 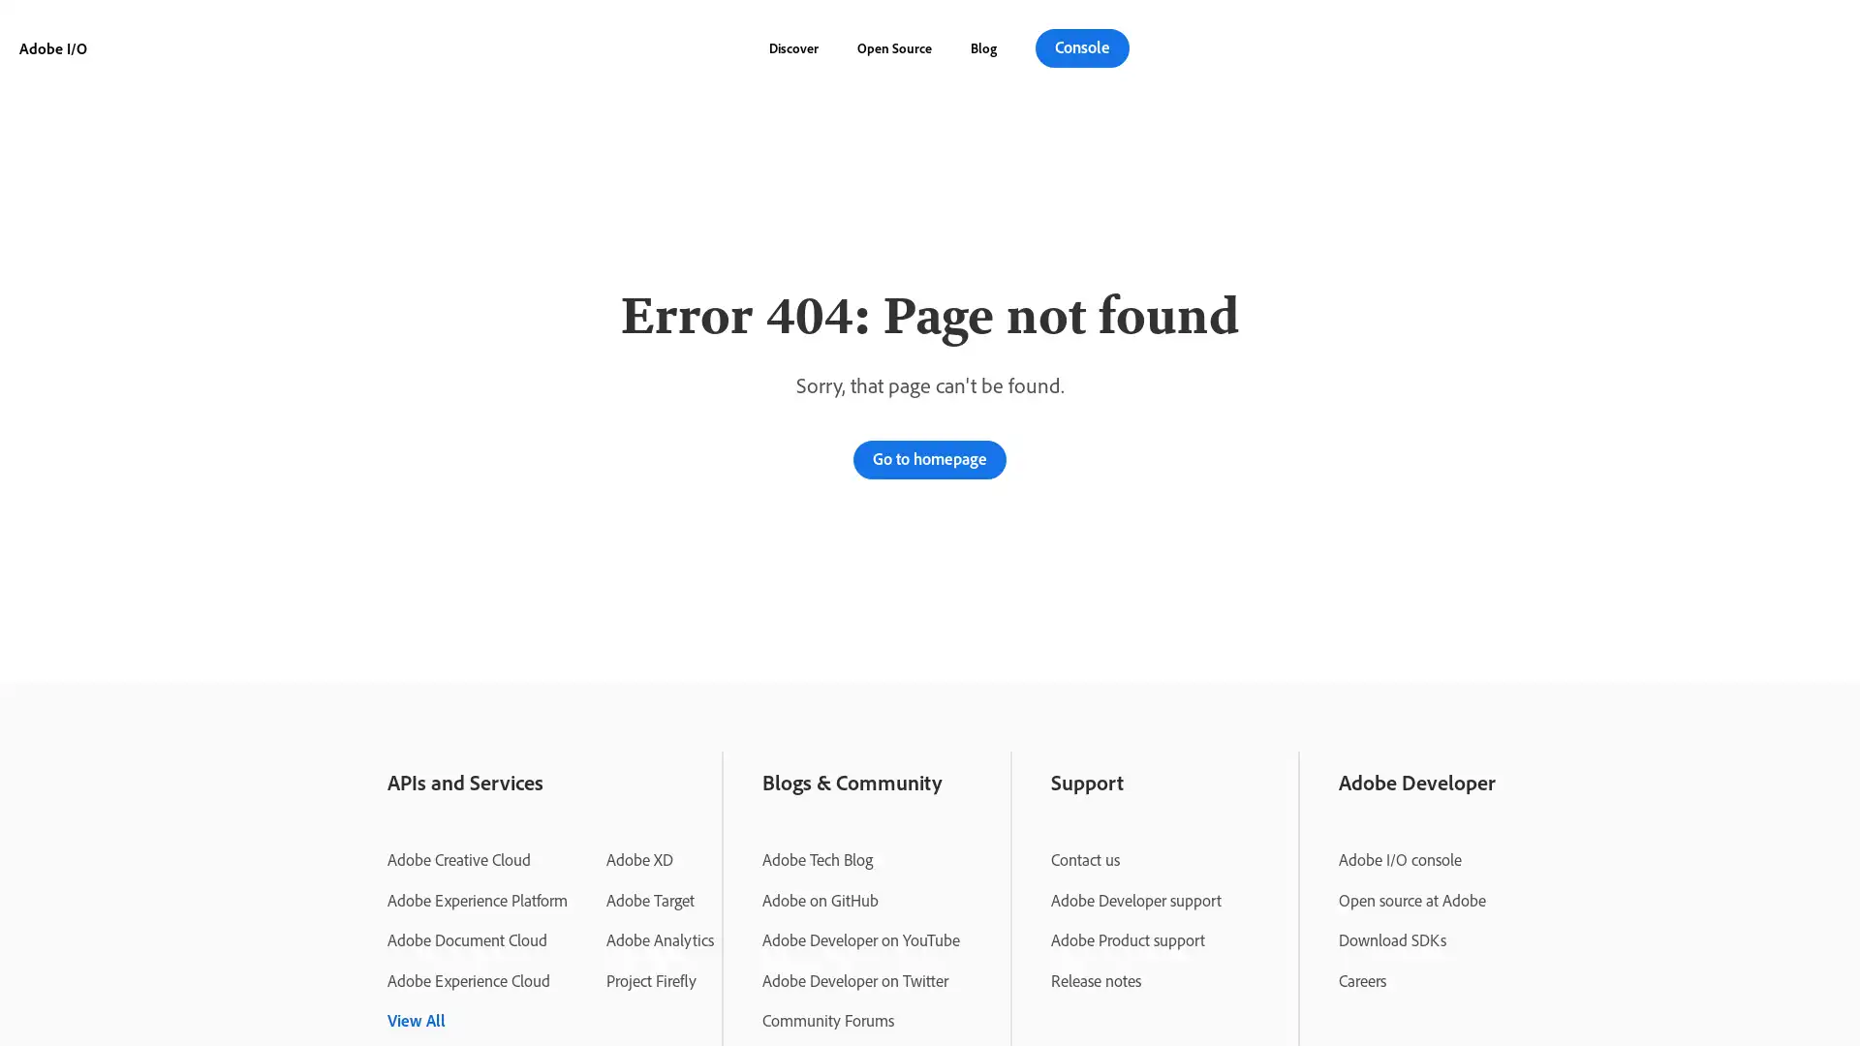 I want to click on Go to homepage, so click(x=930, y=459).